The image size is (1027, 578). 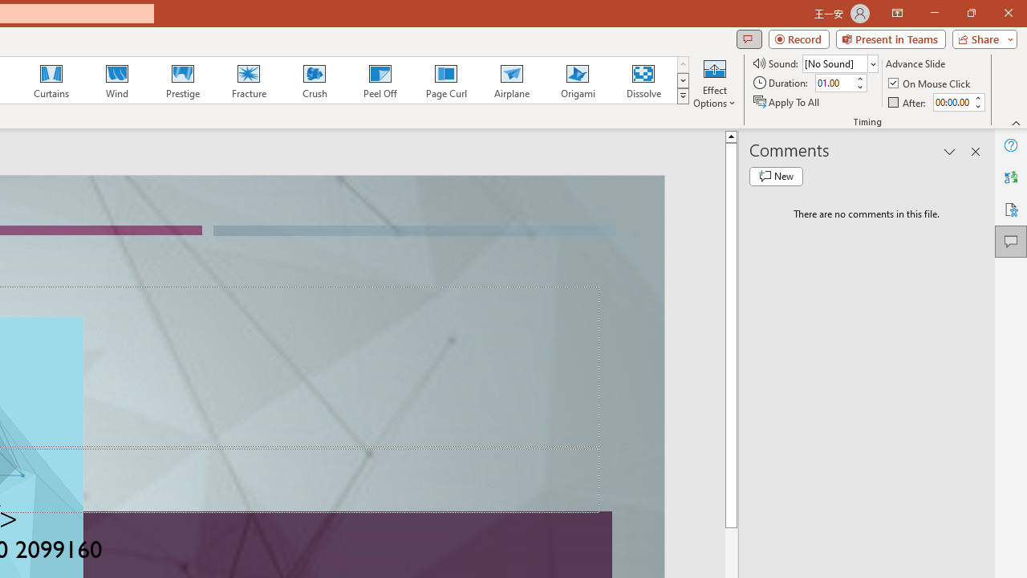 What do you see at coordinates (976, 106) in the screenshot?
I see `'Less'` at bounding box center [976, 106].